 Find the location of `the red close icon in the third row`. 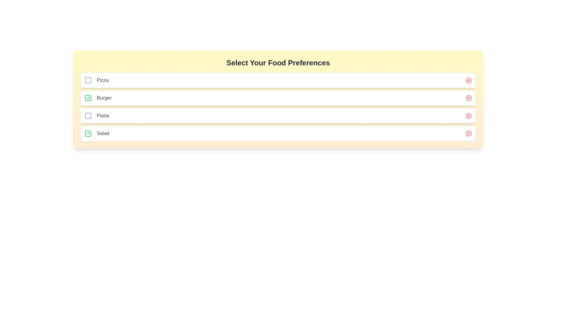

the red close icon in the third row is located at coordinates (468, 116).